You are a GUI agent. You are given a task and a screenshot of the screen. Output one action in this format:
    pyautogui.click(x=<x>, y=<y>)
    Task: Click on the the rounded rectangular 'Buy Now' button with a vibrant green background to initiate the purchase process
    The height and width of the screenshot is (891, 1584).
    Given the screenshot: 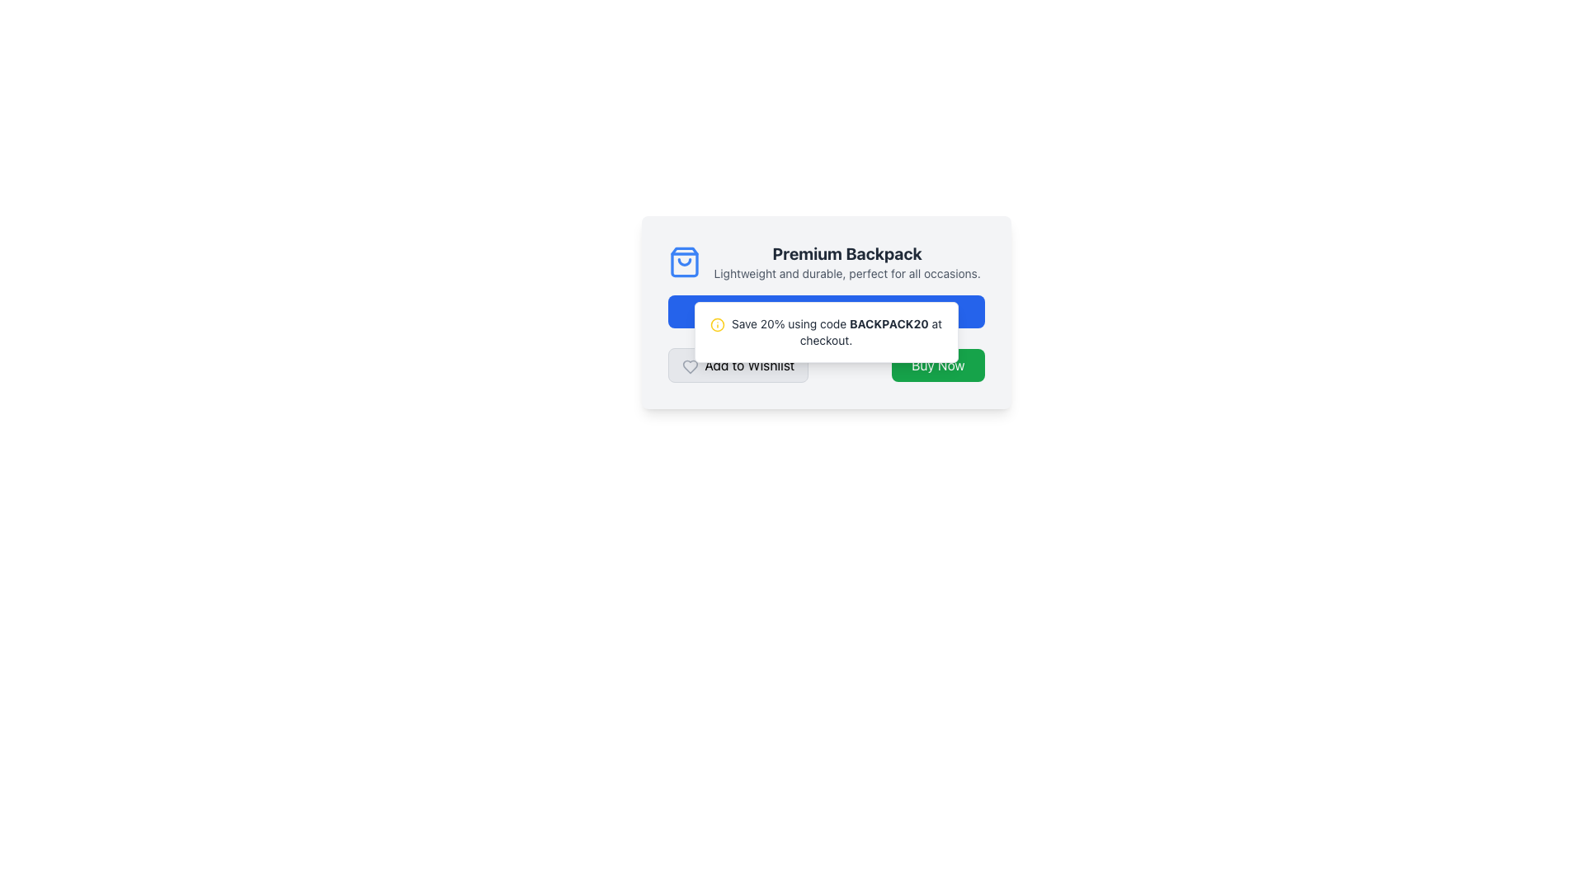 What is the action you would take?
    pyautogui.click(x=938, y=365)
    